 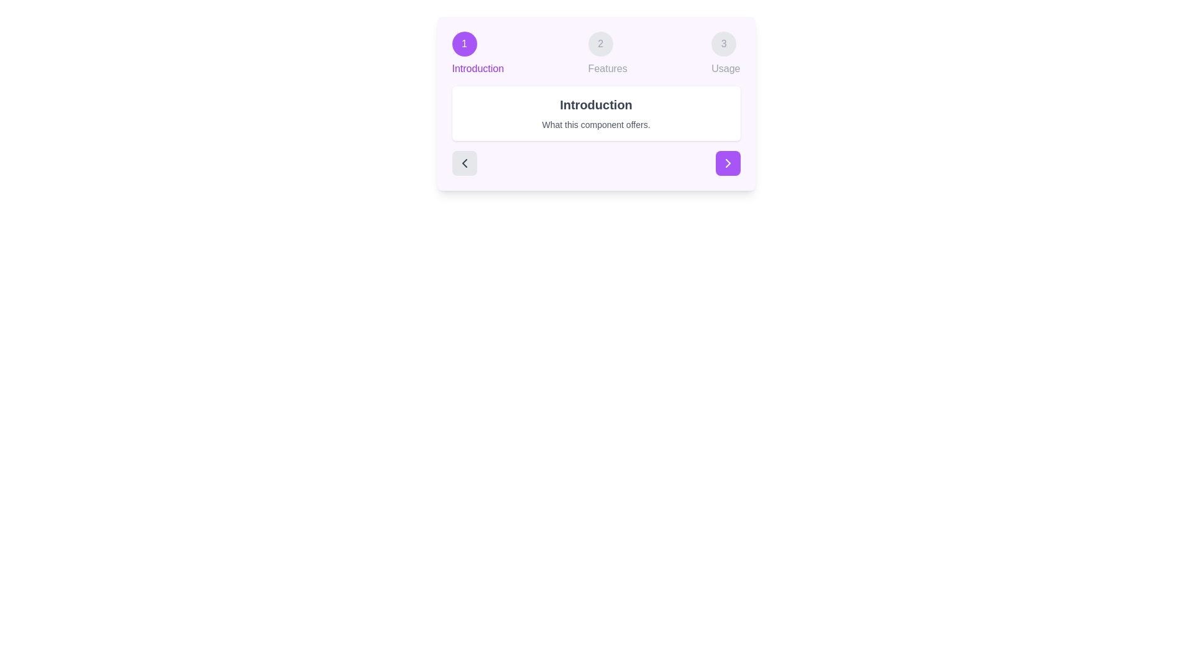 I want to click on the step indicator for Usage to navigate directly to that step, so click(x=725, y=53).